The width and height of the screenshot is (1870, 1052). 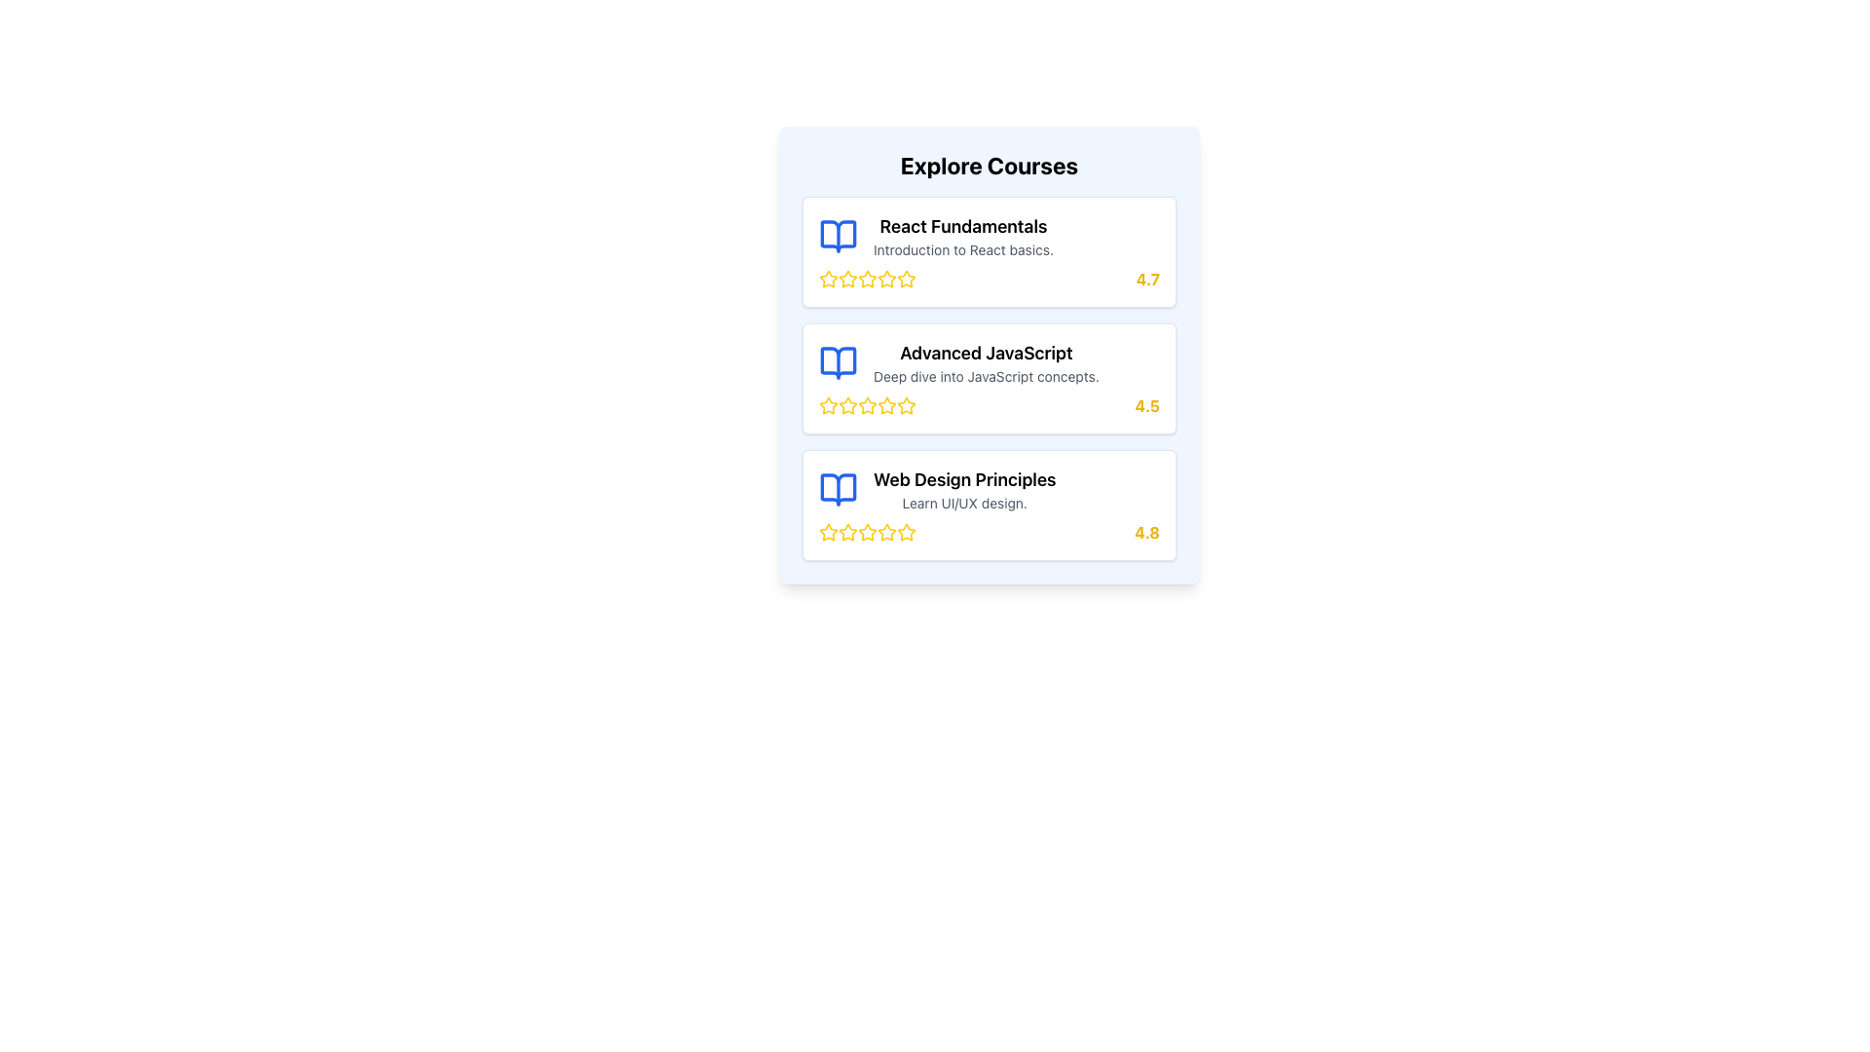 What do you see at coordinates (964, 480) in the screenshot?
I see `text label displaying the bolded title 'Web Design Principles' located at the top of the third course card in a vertical list` at bounding box center [964, 480].